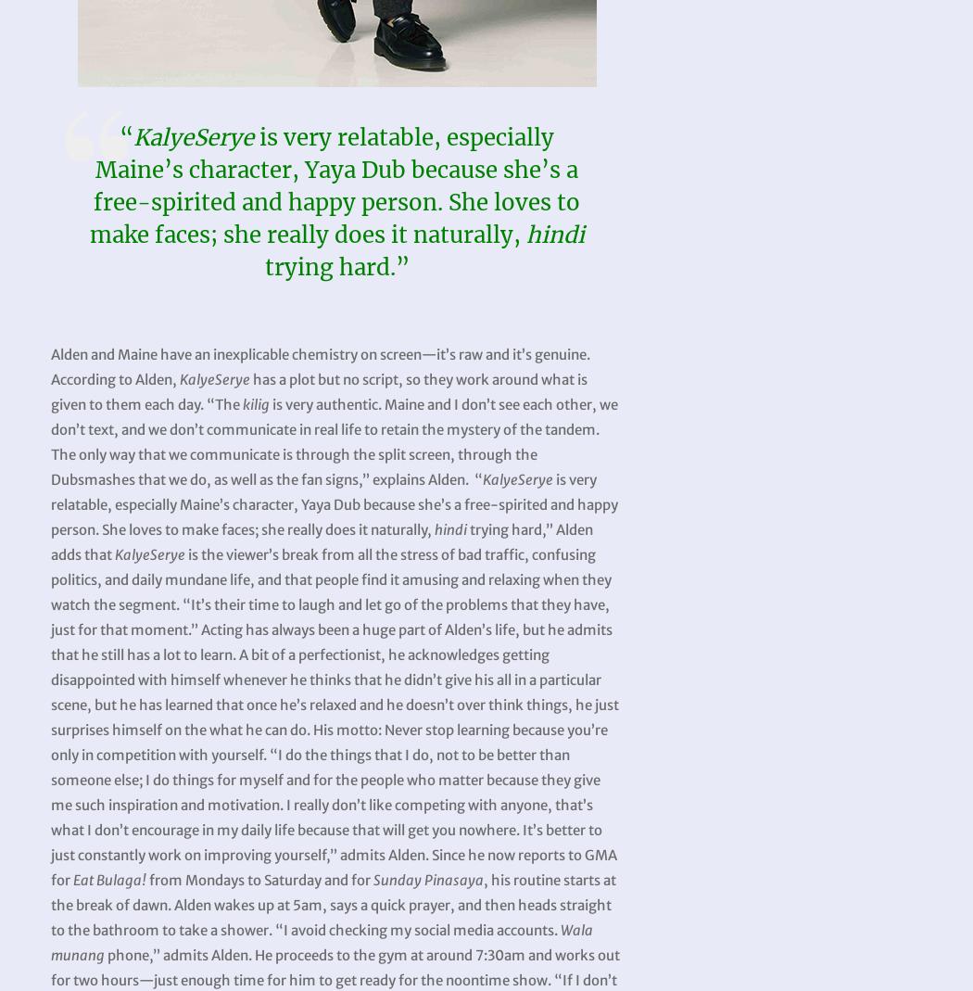  I want to click on 'trying hard.”', so click(335, 265).